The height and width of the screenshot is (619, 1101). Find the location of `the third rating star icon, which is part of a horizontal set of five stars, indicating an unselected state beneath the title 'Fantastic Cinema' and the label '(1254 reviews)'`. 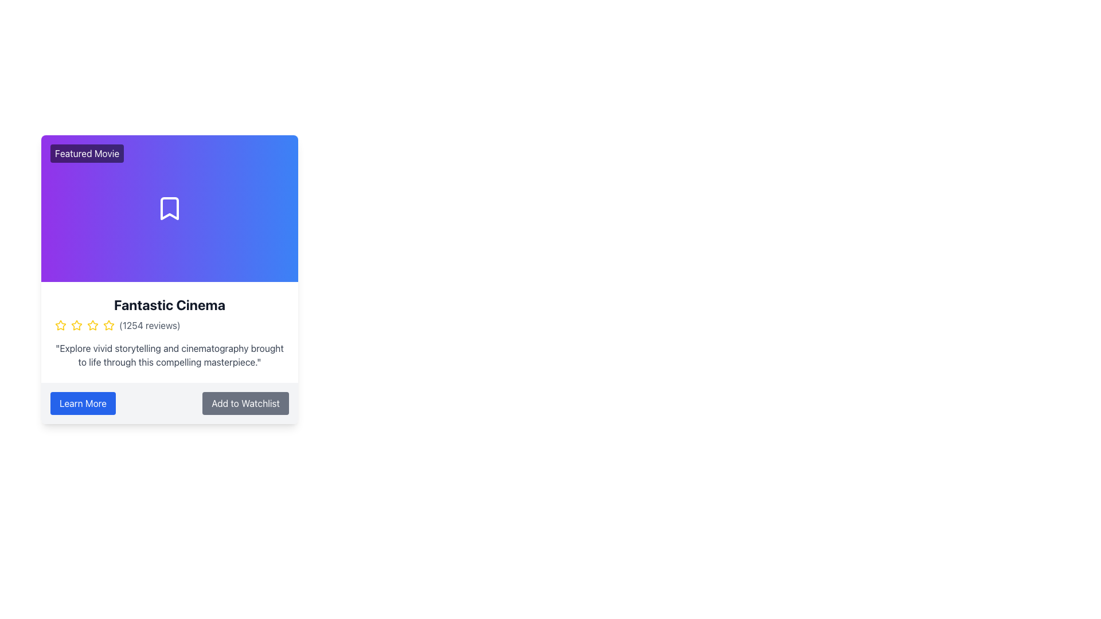

the third rating star icon, which is part of a horizontal set of five stars, indicating an unselected state beneath the title 'Fantastic Cinema' and the label '(1254 reviews)' is located at coordinates (93, 325).